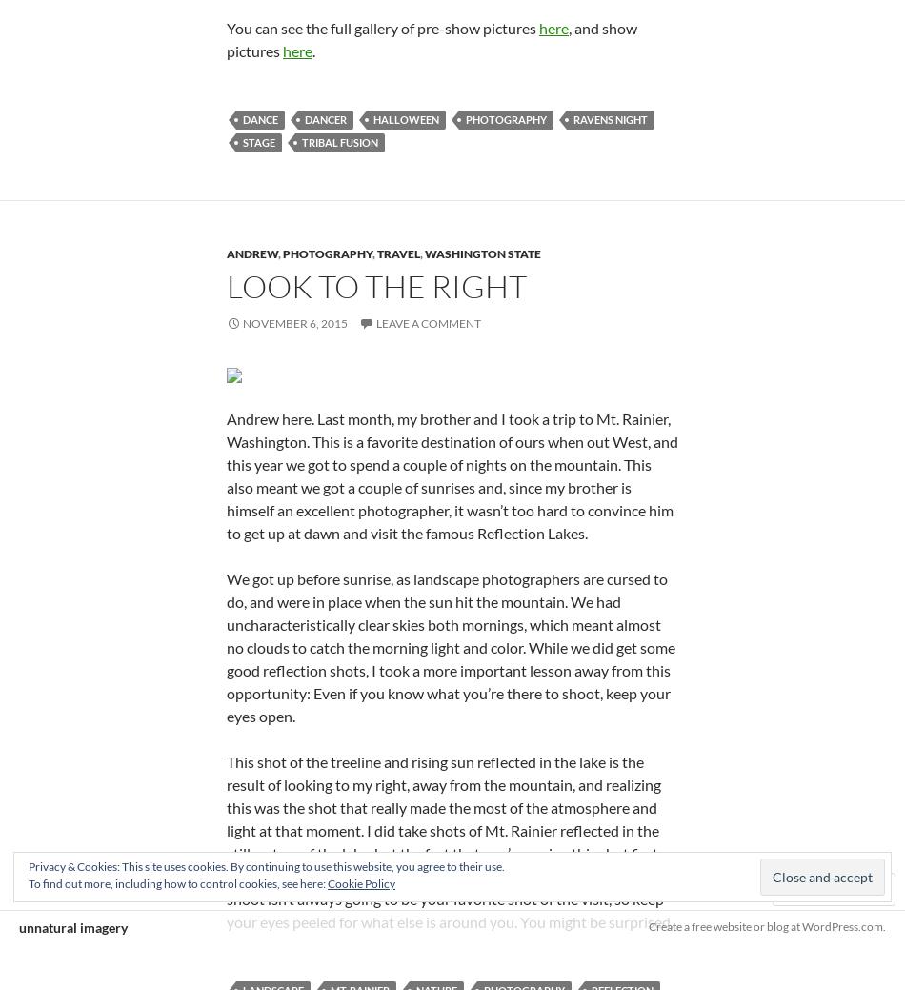 Image resolution: width=905 pixels, height=990 pixels. I want to click on 'ravens night', so click(610, 118).